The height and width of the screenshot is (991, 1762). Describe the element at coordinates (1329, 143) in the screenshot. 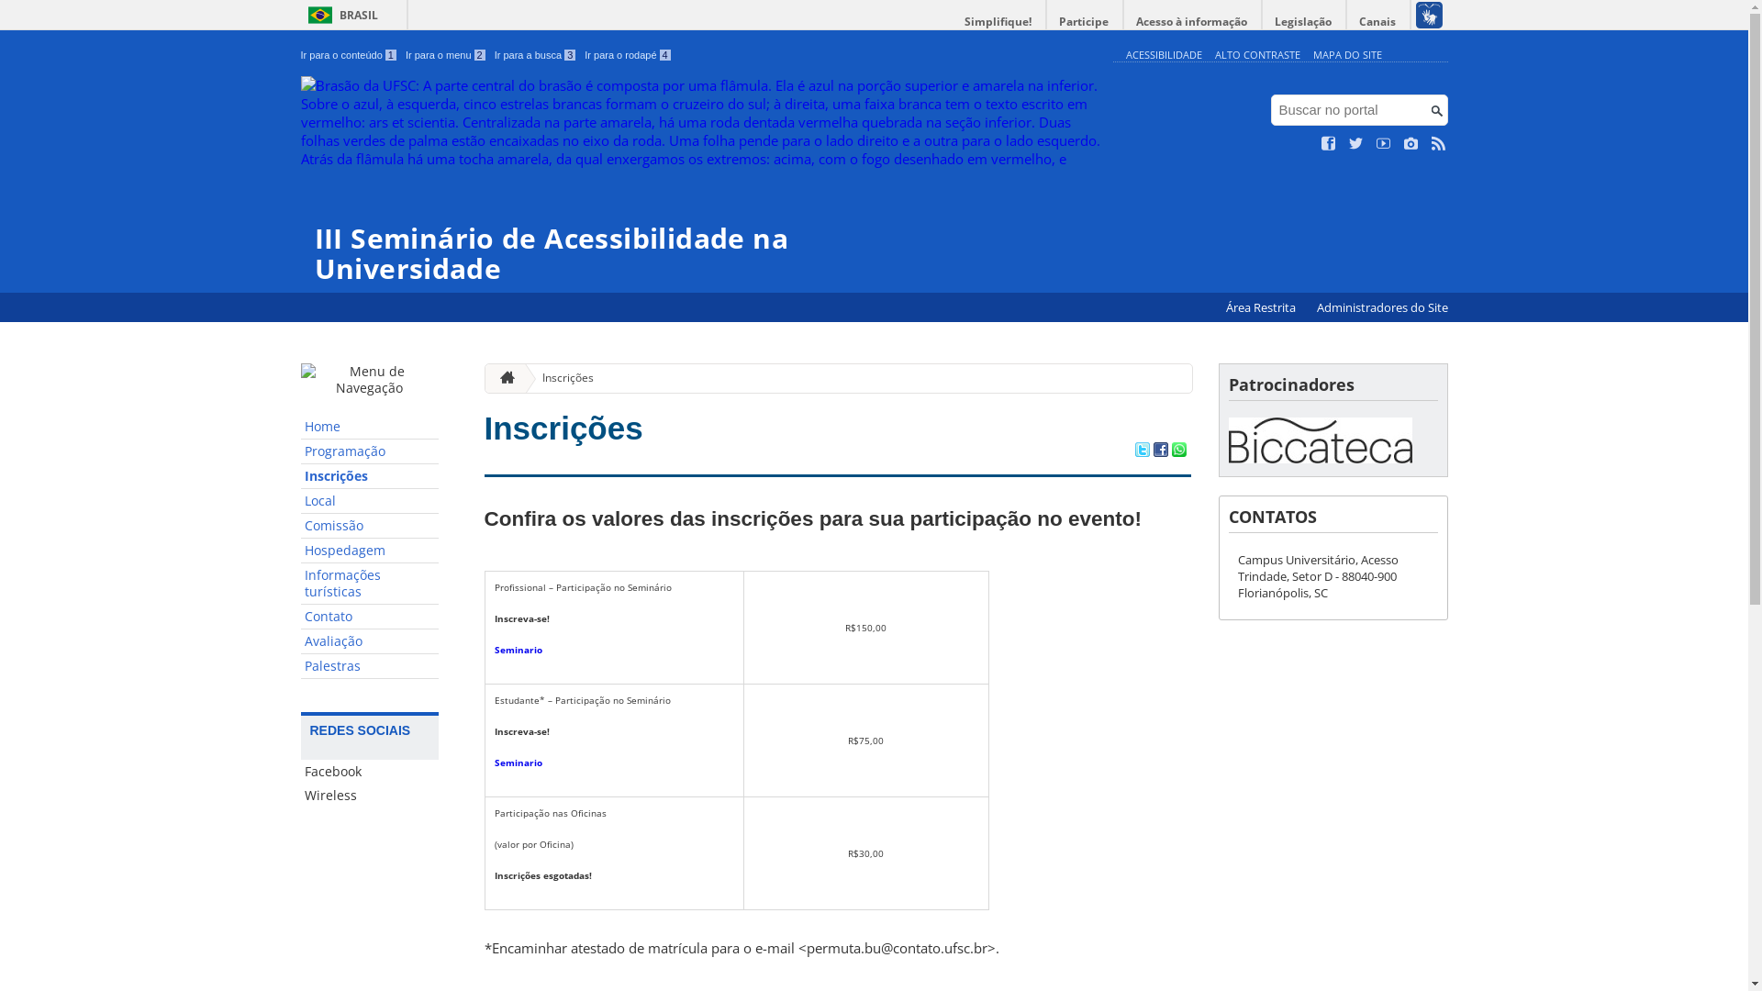

I see `'Curta no Facebook'` at that location.